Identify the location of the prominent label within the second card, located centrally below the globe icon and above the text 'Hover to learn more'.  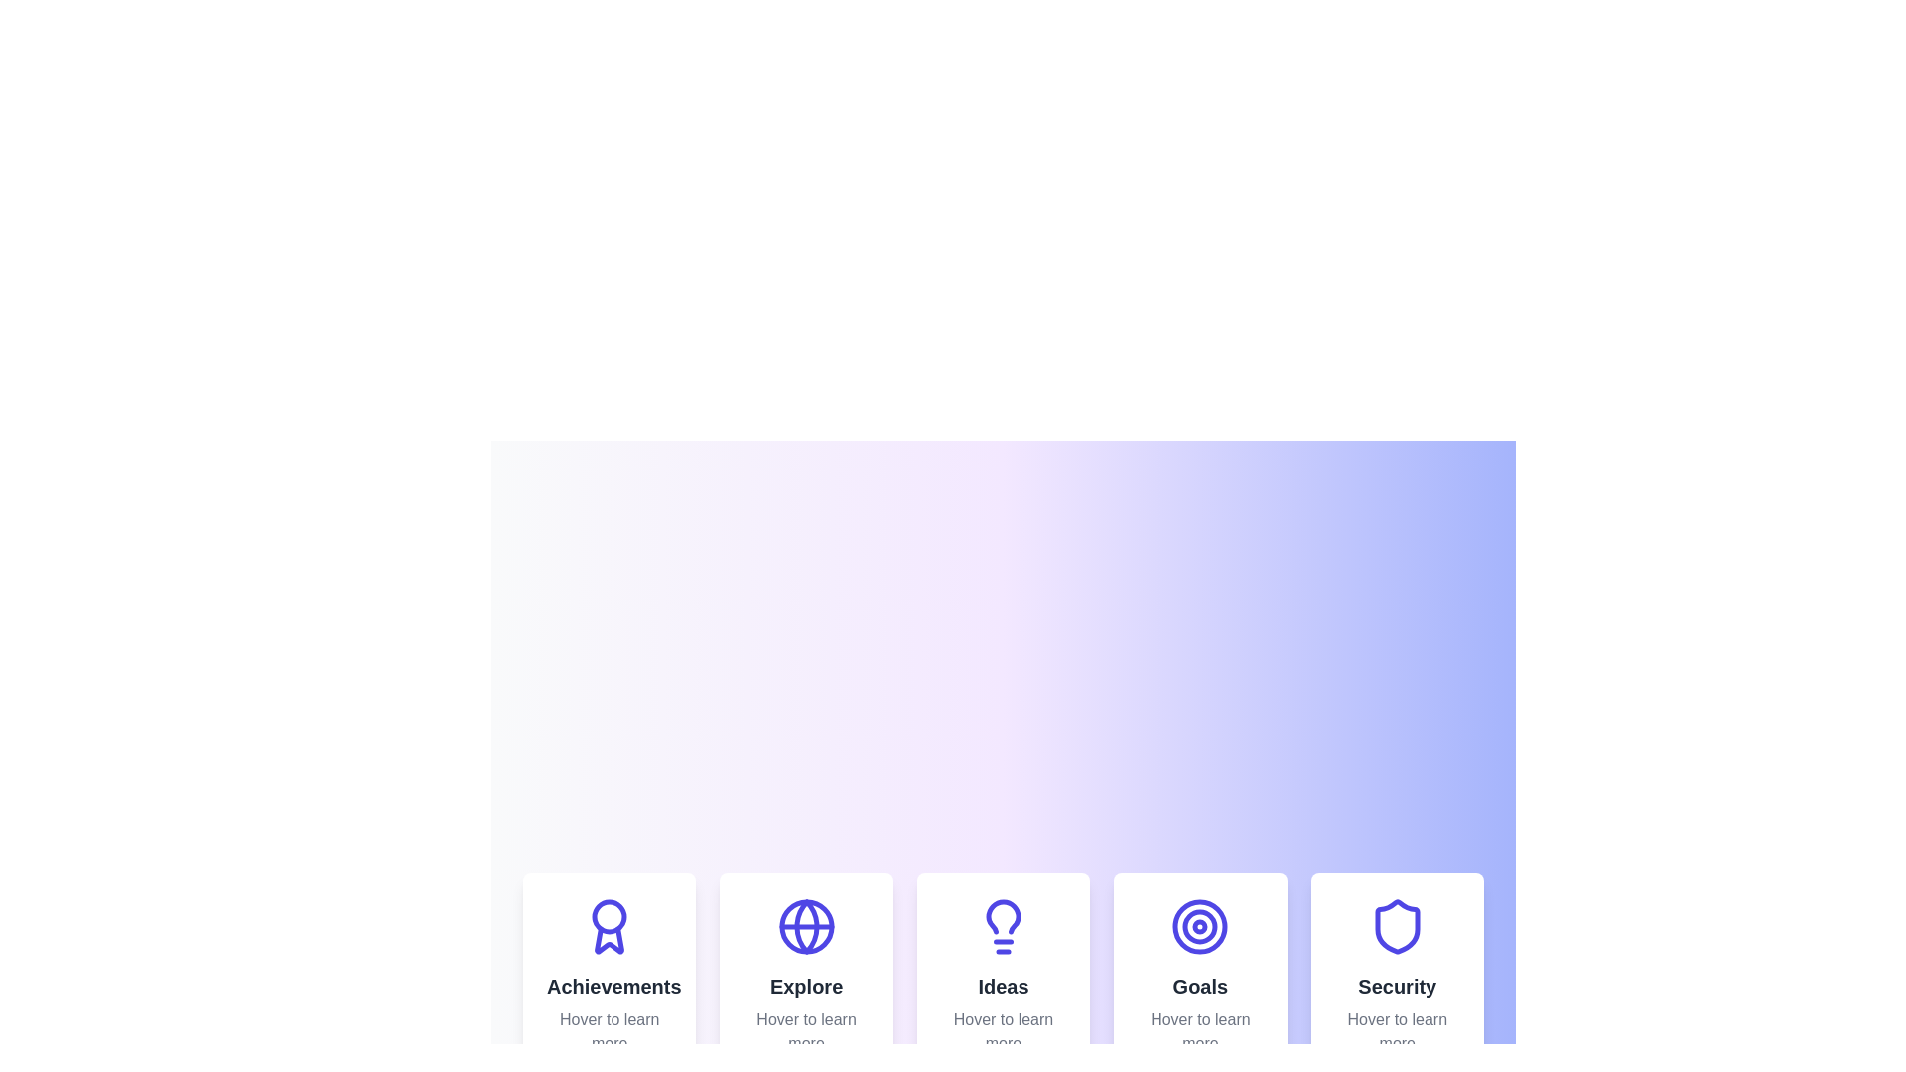
(806, 987).